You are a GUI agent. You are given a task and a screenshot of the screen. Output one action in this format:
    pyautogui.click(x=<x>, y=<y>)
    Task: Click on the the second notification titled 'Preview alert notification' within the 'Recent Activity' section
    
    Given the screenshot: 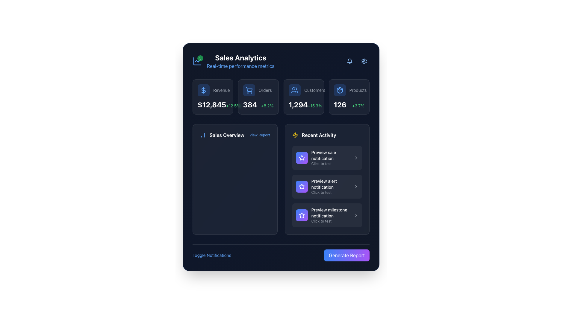 What is the action you would take?
    pyautogui.click(x=327, y=179)
    